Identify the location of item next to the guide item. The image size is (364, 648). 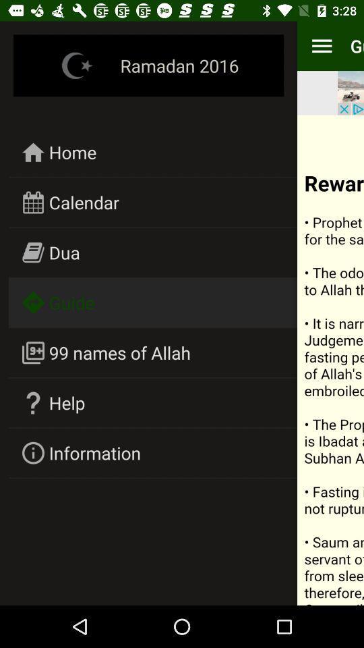
(321, 46).